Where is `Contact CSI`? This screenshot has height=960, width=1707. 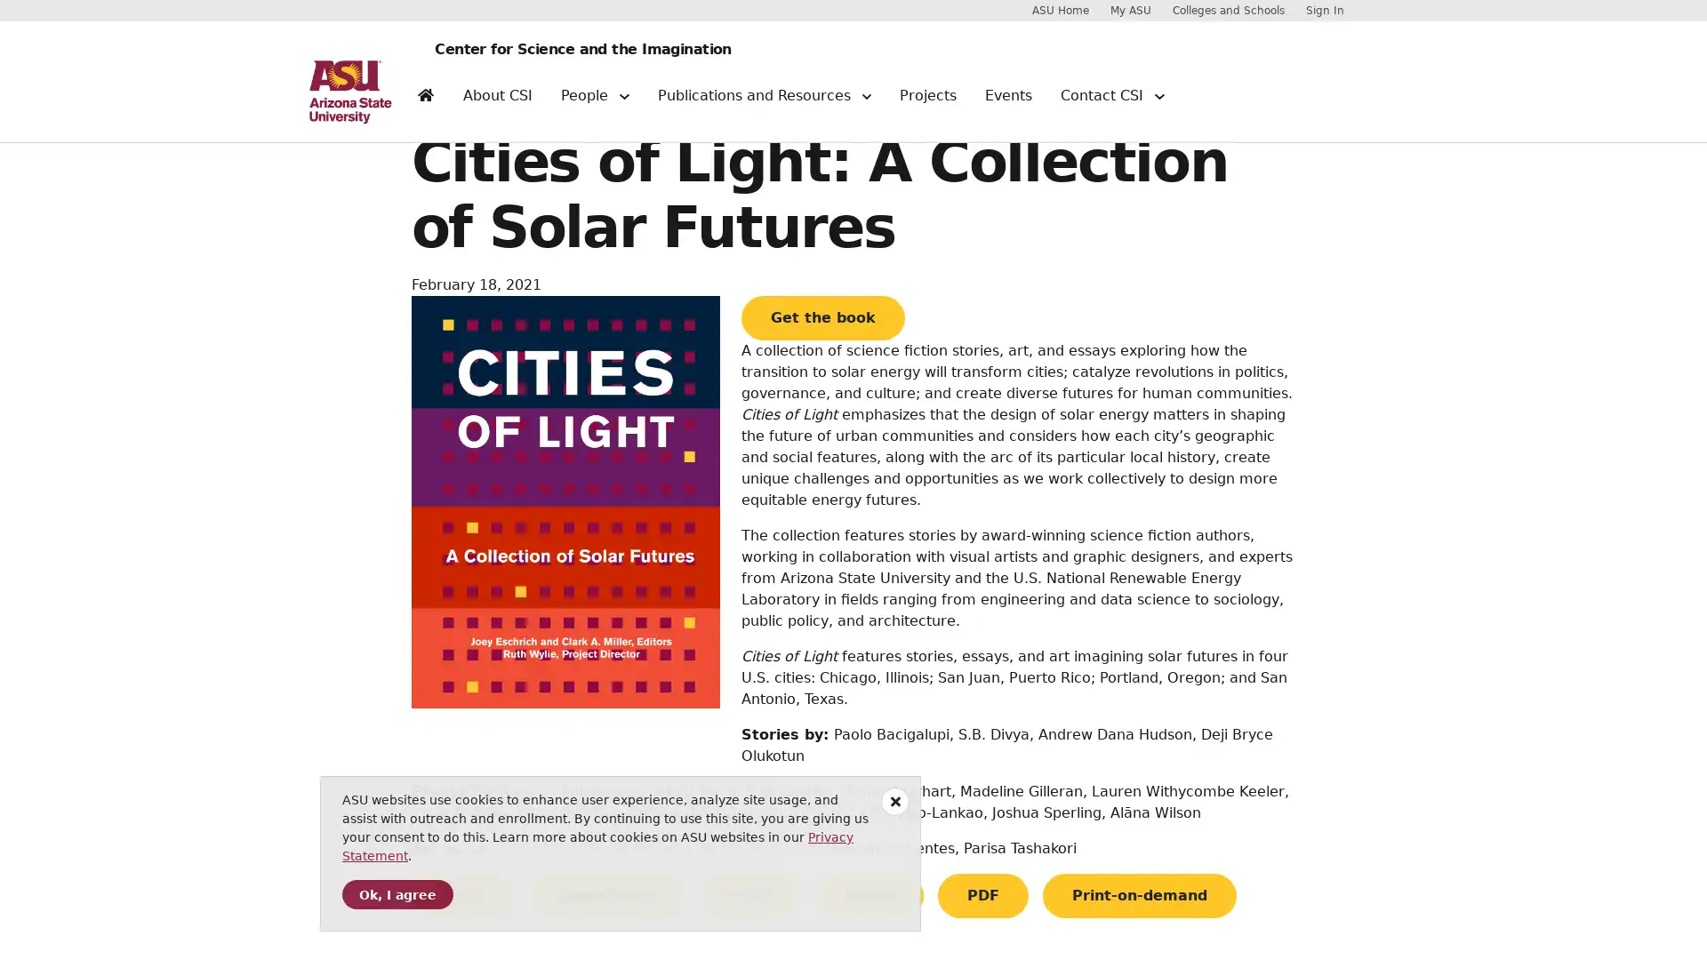 Contact CSI is located at coordinates (1111, 102).